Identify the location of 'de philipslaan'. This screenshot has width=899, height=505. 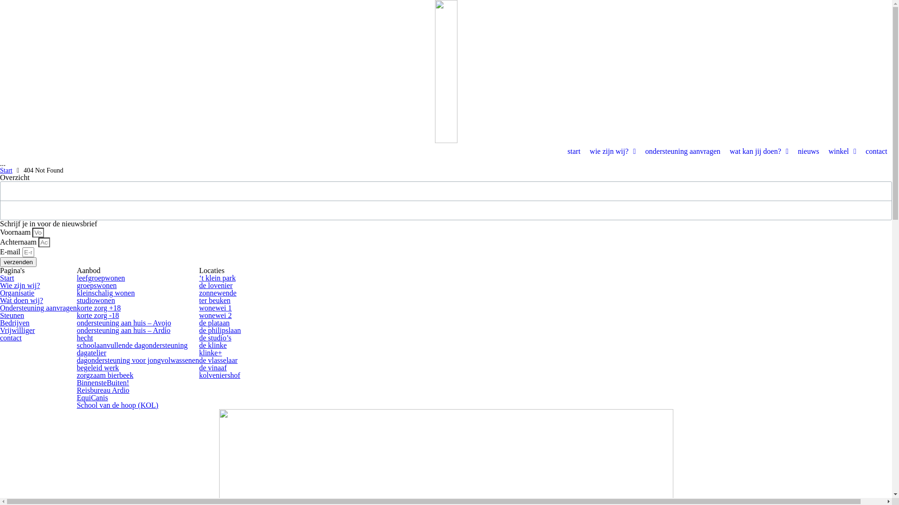
(219, 330).